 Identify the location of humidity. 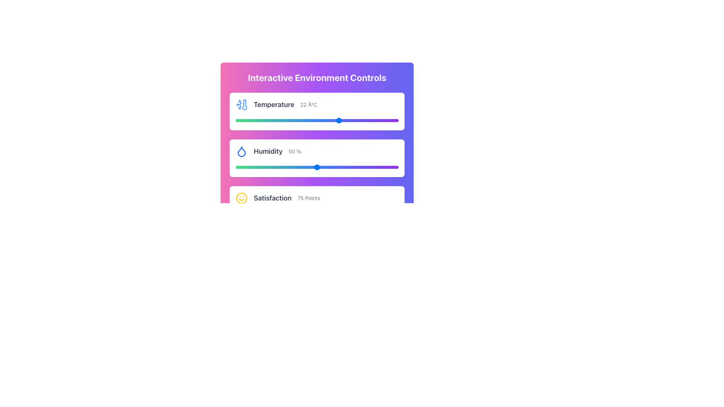
(376, 167).